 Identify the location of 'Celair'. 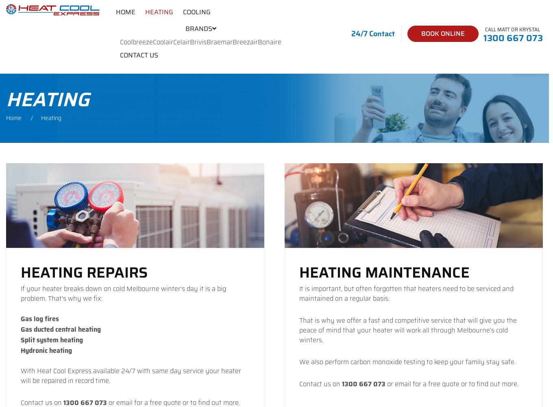
(181, 42).